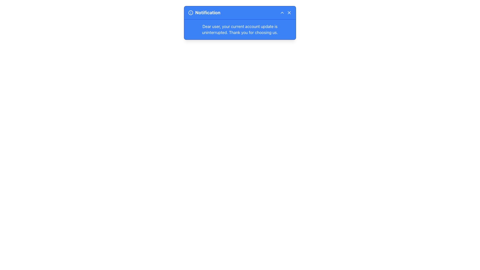 The width and height of the screenshot is (480, 270). What do you see at coordinates (289, 12) in the screenshot?
I see `the close button on the notification panel using keyboard navigation, located at the far right corner of the notification bar` at bounding box center [289, 12].